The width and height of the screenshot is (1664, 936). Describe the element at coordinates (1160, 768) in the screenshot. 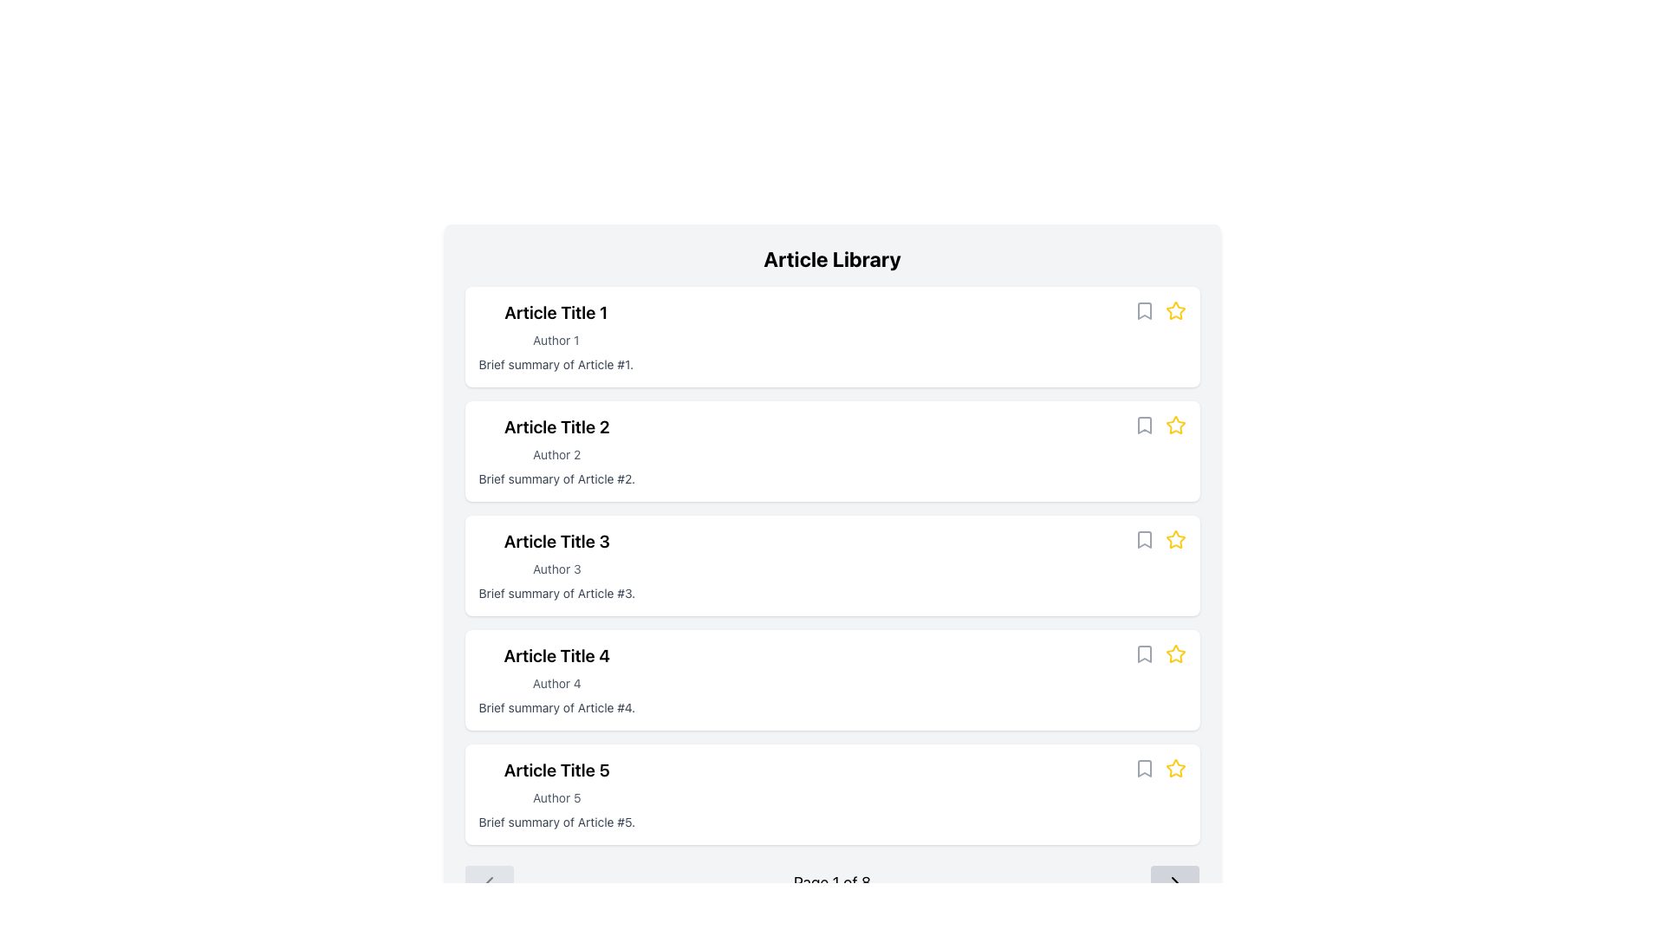

I see `the yellow star icon in the horizontal group of icons within the card for 'Article Title 5' to rate the article` at that location.